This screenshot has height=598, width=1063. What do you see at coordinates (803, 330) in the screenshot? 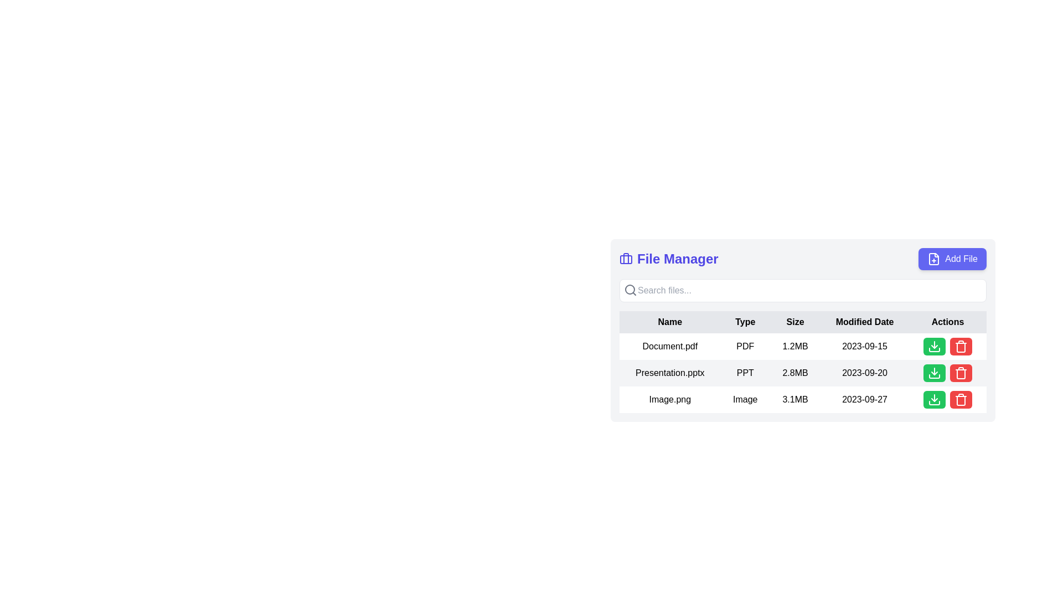
I see `the column headers of the Structured Table View in the File Manager` at bounding box center [803, 330].